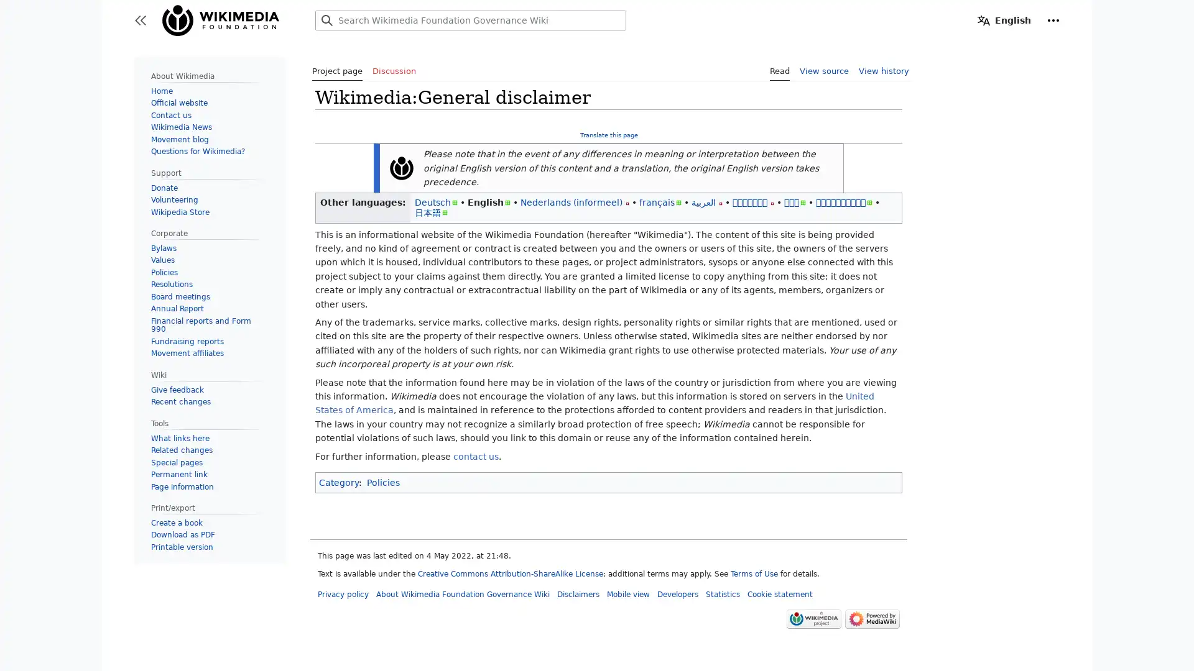 This screenshot has height=671, width=1194. I want to click on Go, so click(327, 21).